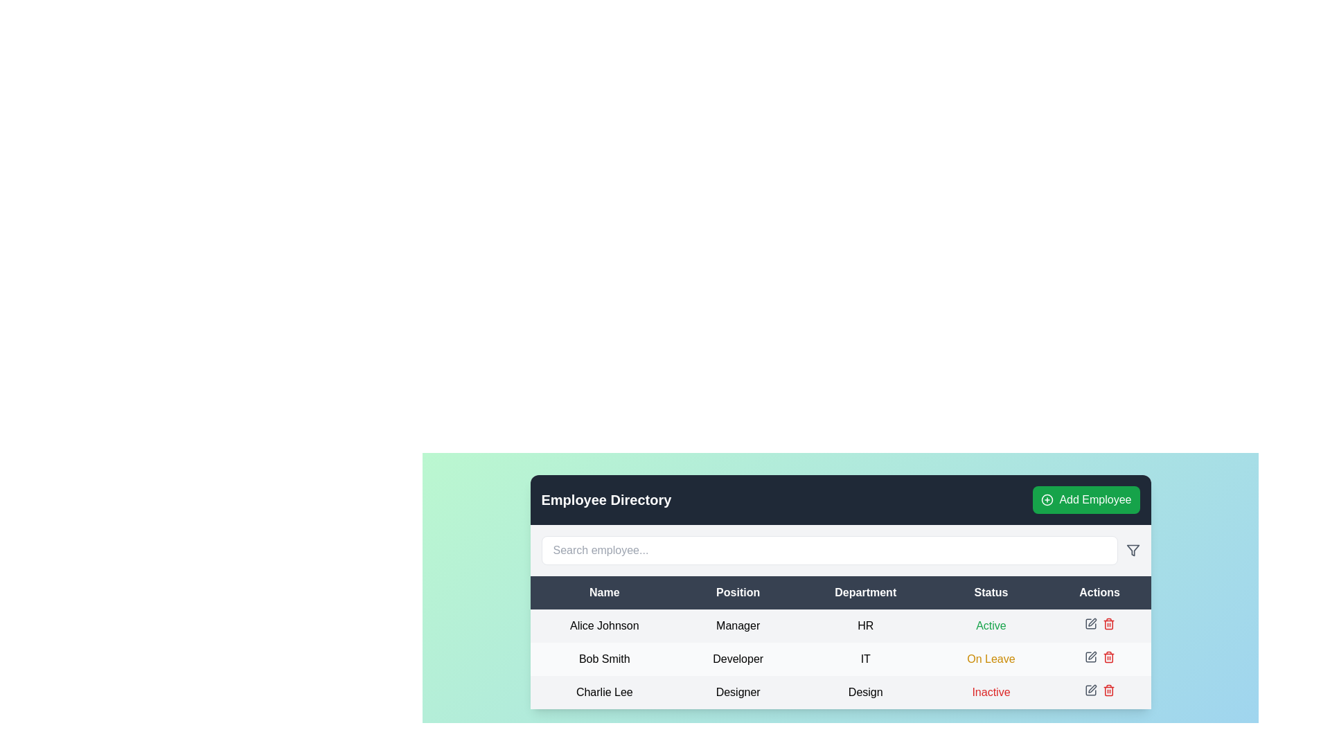 The height and width of the screenshot is (748, 1330). Describe the element at coordinates (1099, 656) in the screenshot. I see `the Action control panel icon for user 'Bob Smith', a Developer currently On Leave` at that location.